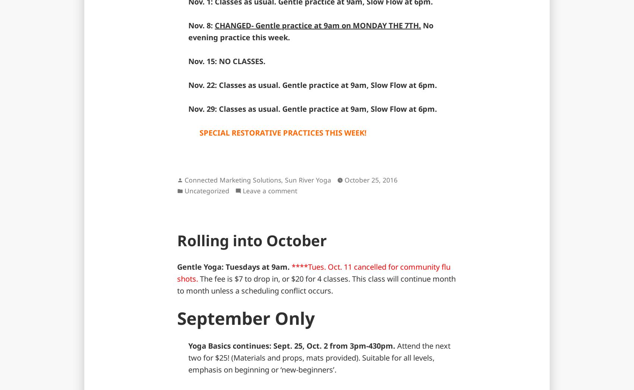  What do you see at coordinates (201, 25) in the screenshot?
I see `'Nov. 8:'` at bounding box center [201, 25].